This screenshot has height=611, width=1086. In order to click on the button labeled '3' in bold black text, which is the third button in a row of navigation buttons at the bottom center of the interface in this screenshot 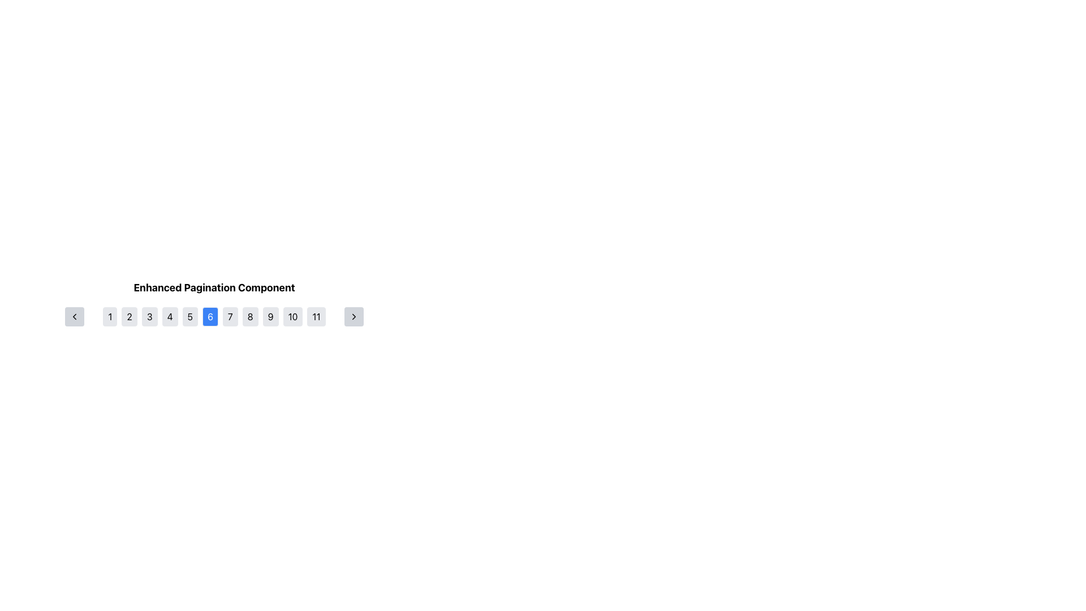, I will do `click(149, 316)`.